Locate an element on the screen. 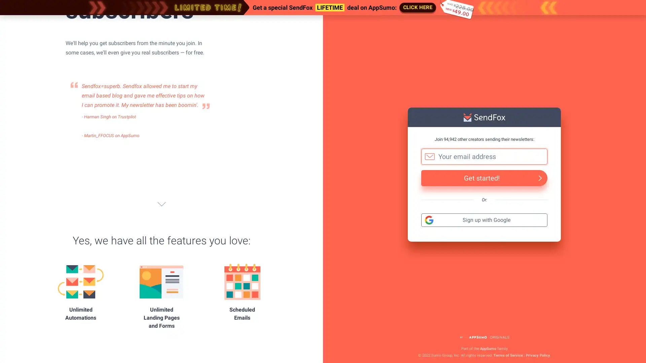 This screenshot has height=363, width=646. Get started! is located at coordinates (484, 177).